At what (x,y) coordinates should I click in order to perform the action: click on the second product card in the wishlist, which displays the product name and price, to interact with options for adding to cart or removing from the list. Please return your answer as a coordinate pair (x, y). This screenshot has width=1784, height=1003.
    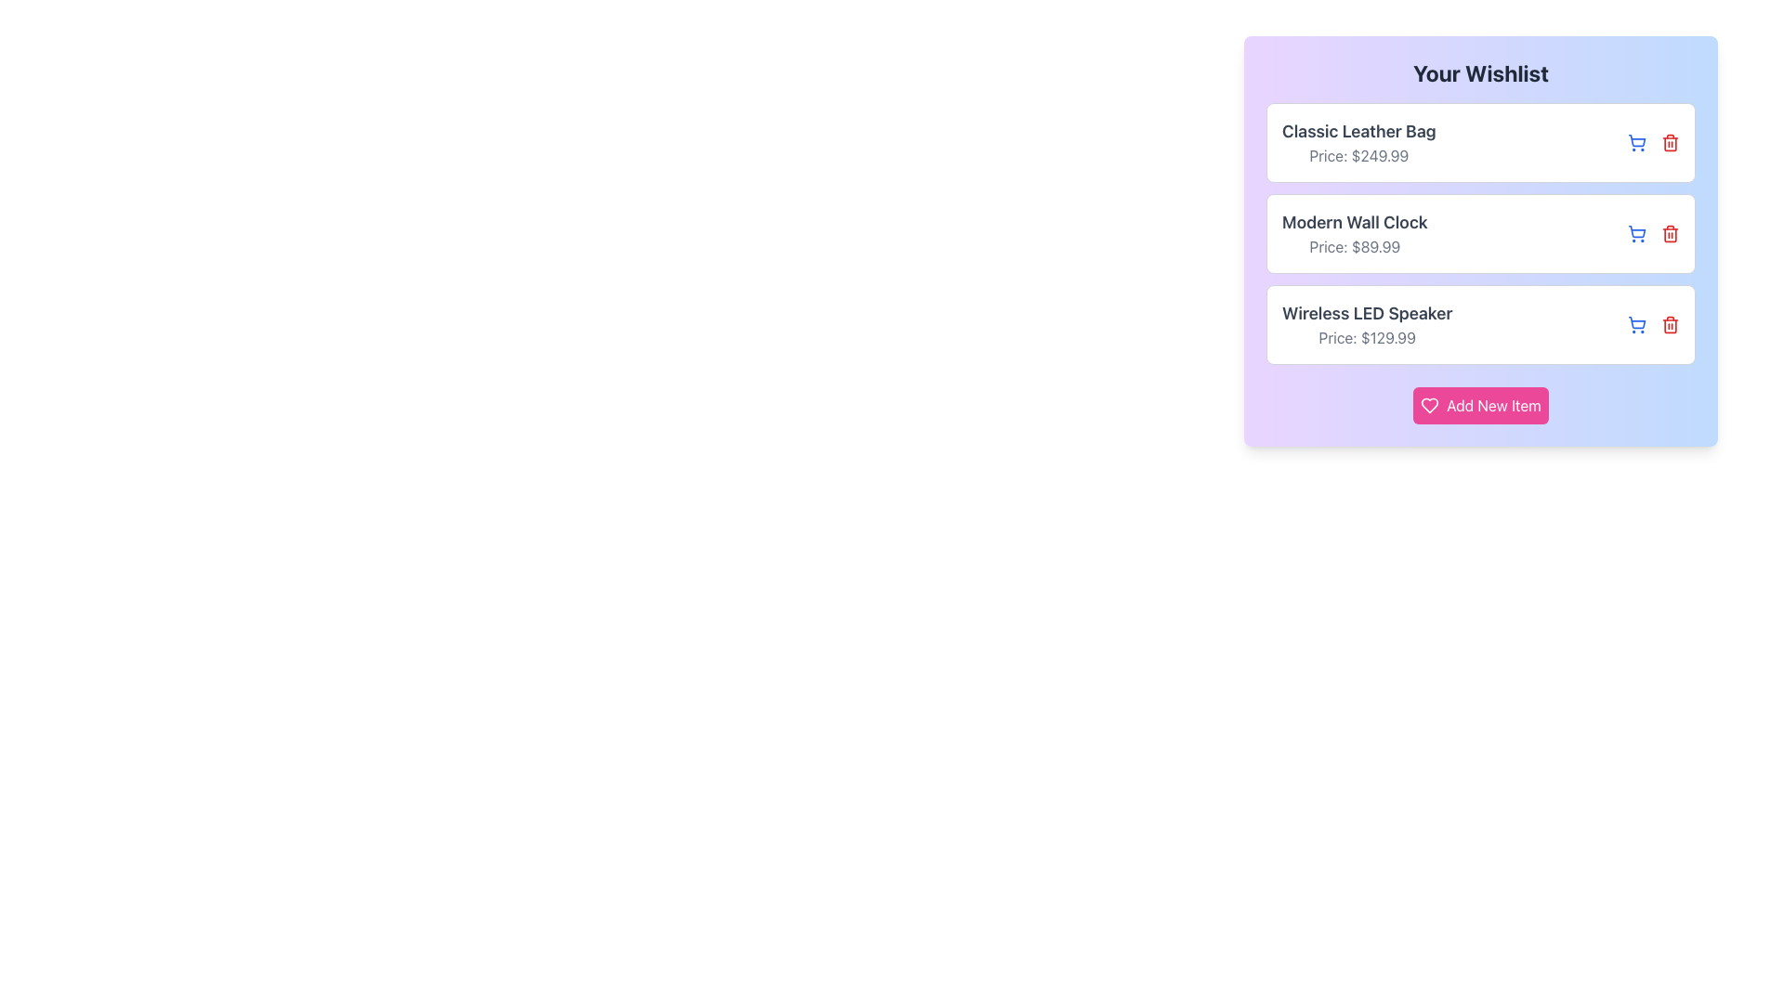
    Looking at the image, I should click on (1479, 232).